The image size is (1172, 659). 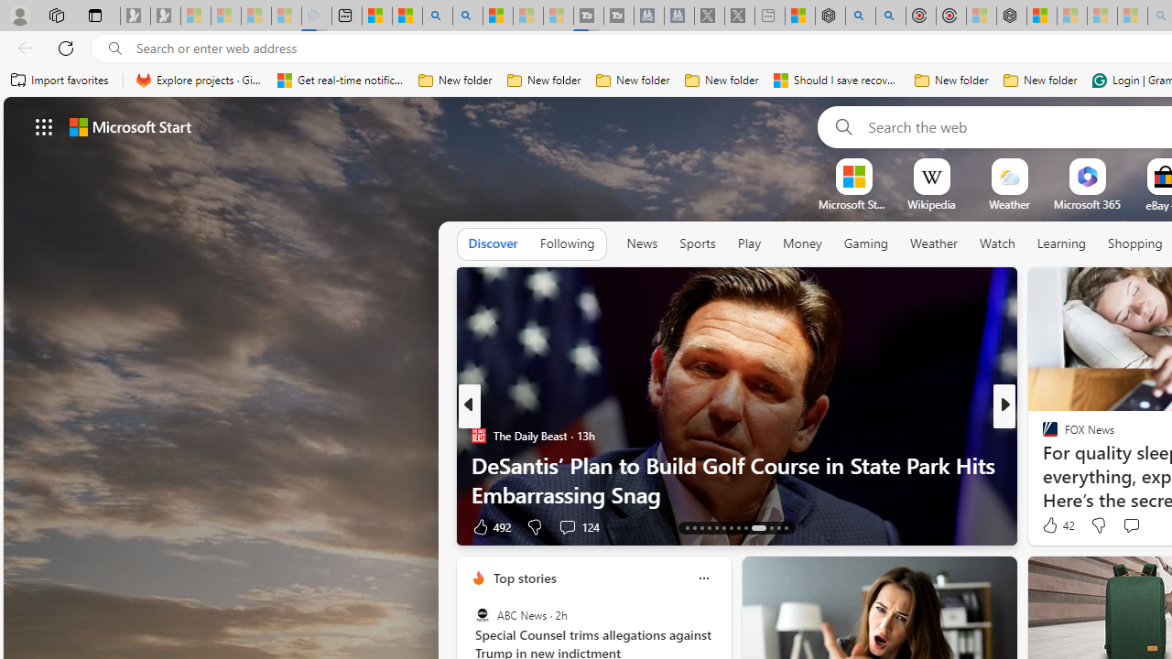 I want to click on 'AutomationID: waffle', so click(x=44, y=125).